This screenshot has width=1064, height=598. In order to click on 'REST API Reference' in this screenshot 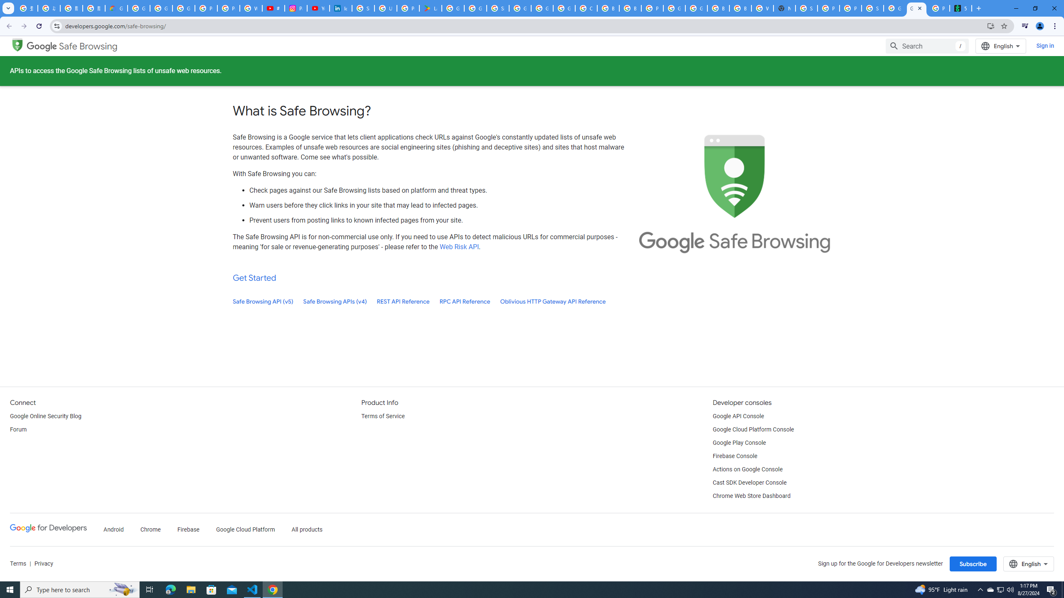, I will do `click(403, 301)`.